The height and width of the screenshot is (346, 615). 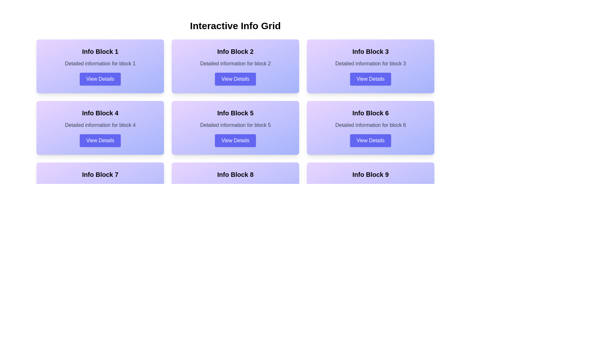 I want to click on the SVG circle element located in the top-right corner of 'Info Block 2' in the interactive grid layout, so click(x=293, y=45).